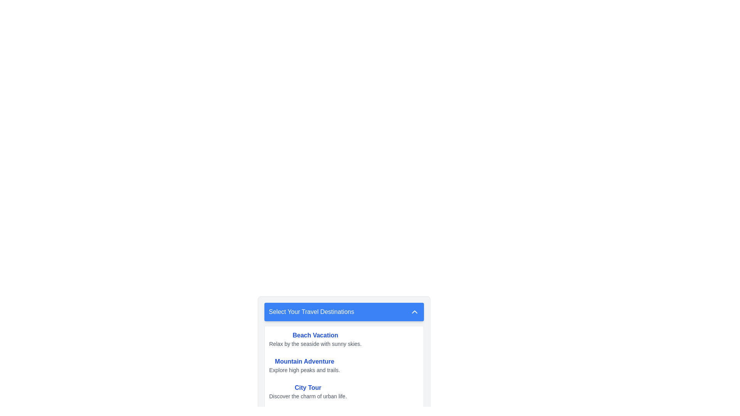 Image resolution: width=740 pixels, height=416 pixels. What do you see at coordinates (304, 365) in the screenshot?
I see `the TextBlock that describes an adventure involving mountains and trails, which is the second item in the list under the blue heading 'Select Your Travel Destinations'` at bounding box center [304, 365].